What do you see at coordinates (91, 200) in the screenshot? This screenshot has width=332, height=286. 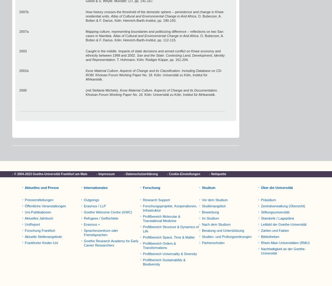 I see `'Outgoings'` at bounding box center [91, 200].